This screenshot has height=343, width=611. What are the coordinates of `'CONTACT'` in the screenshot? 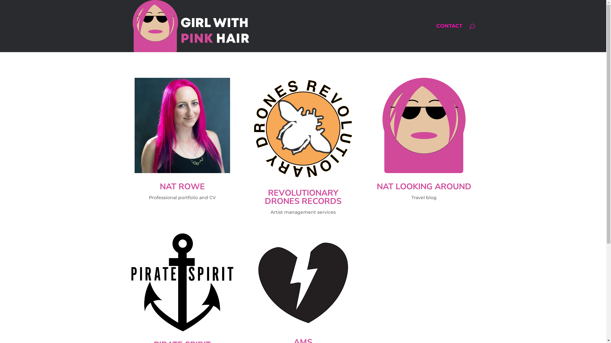 It's located at (449, 38).